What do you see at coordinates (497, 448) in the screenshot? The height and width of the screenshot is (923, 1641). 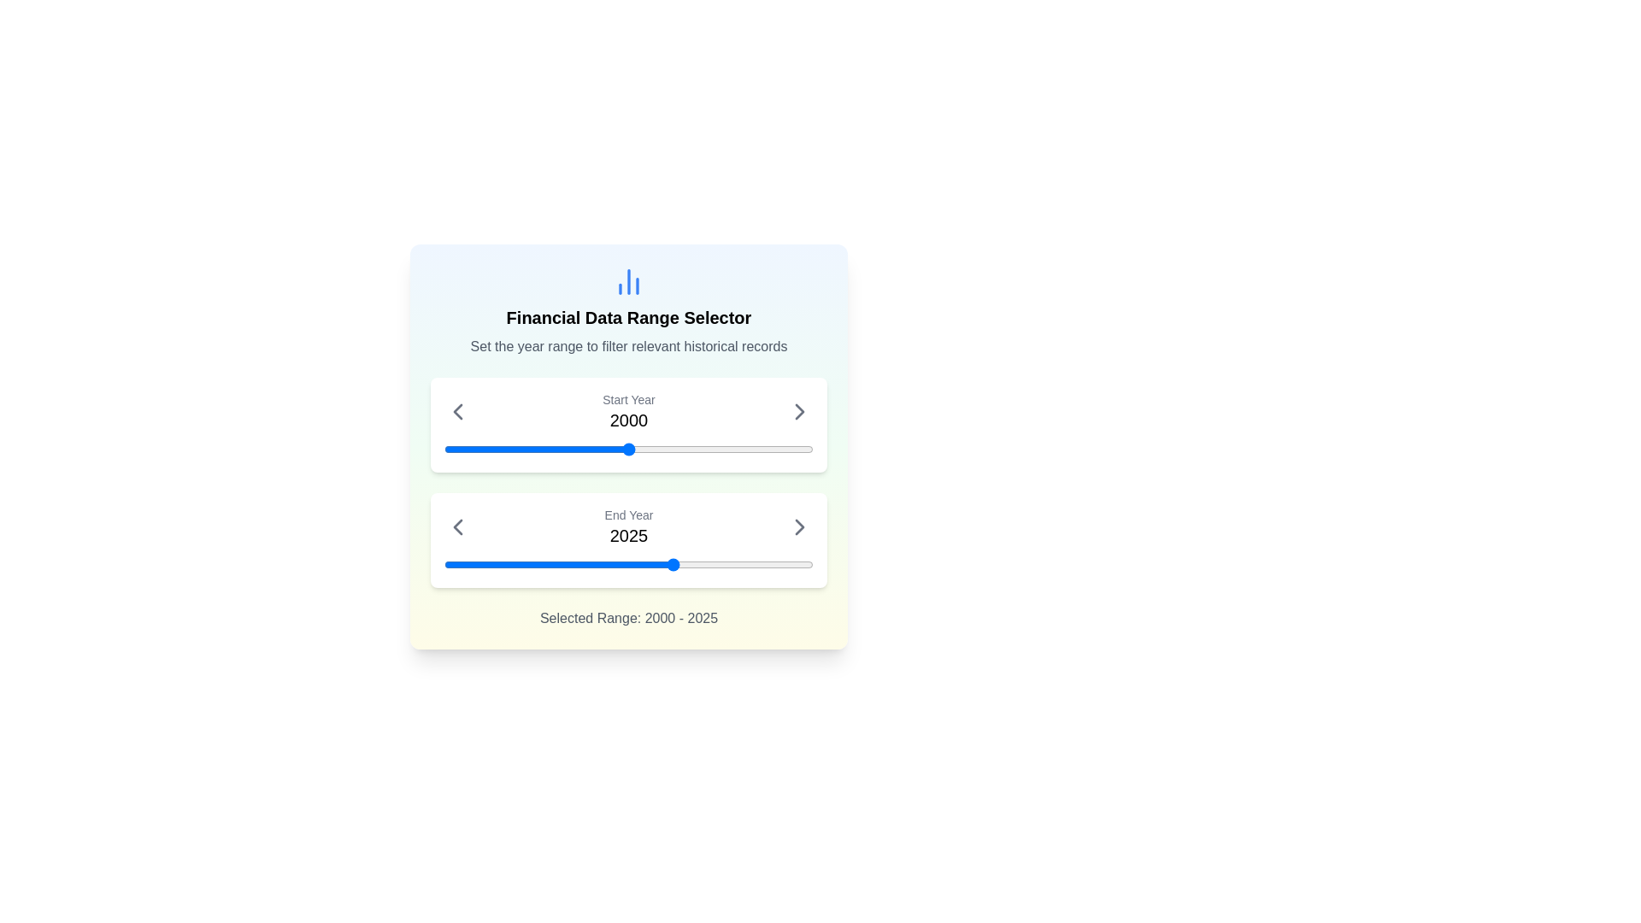 I see `the start year` at bounding box center [497, 448].